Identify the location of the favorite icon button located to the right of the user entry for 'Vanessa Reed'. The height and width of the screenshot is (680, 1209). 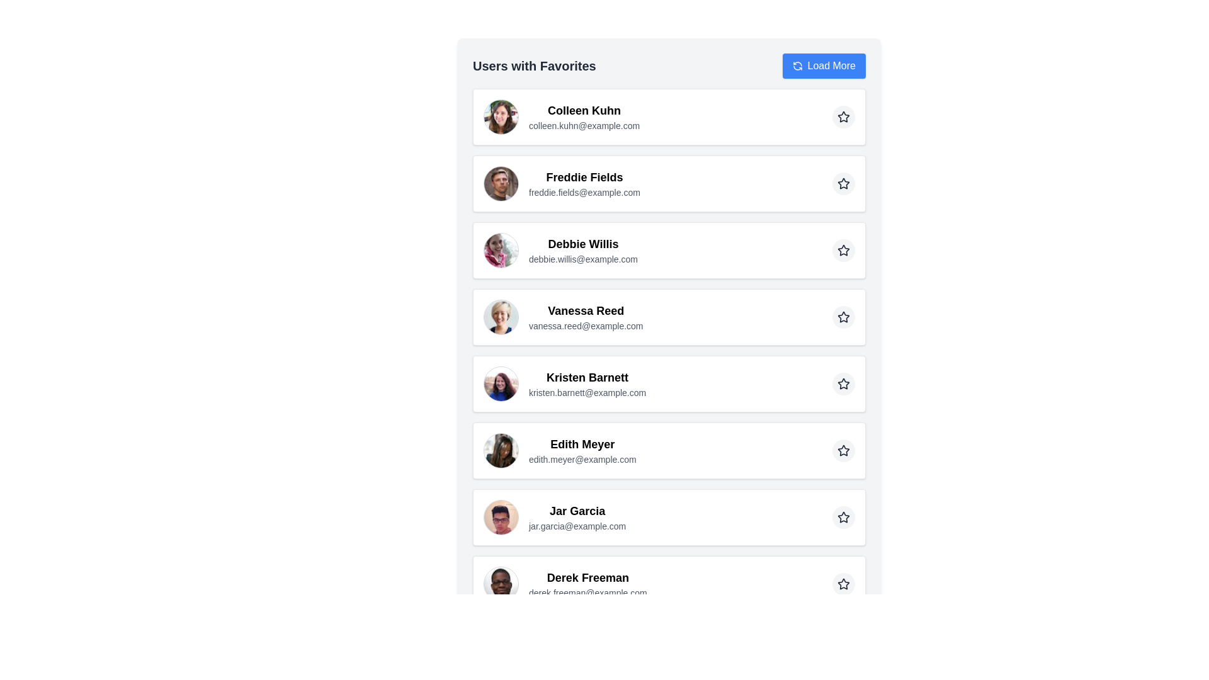
(843, 315).